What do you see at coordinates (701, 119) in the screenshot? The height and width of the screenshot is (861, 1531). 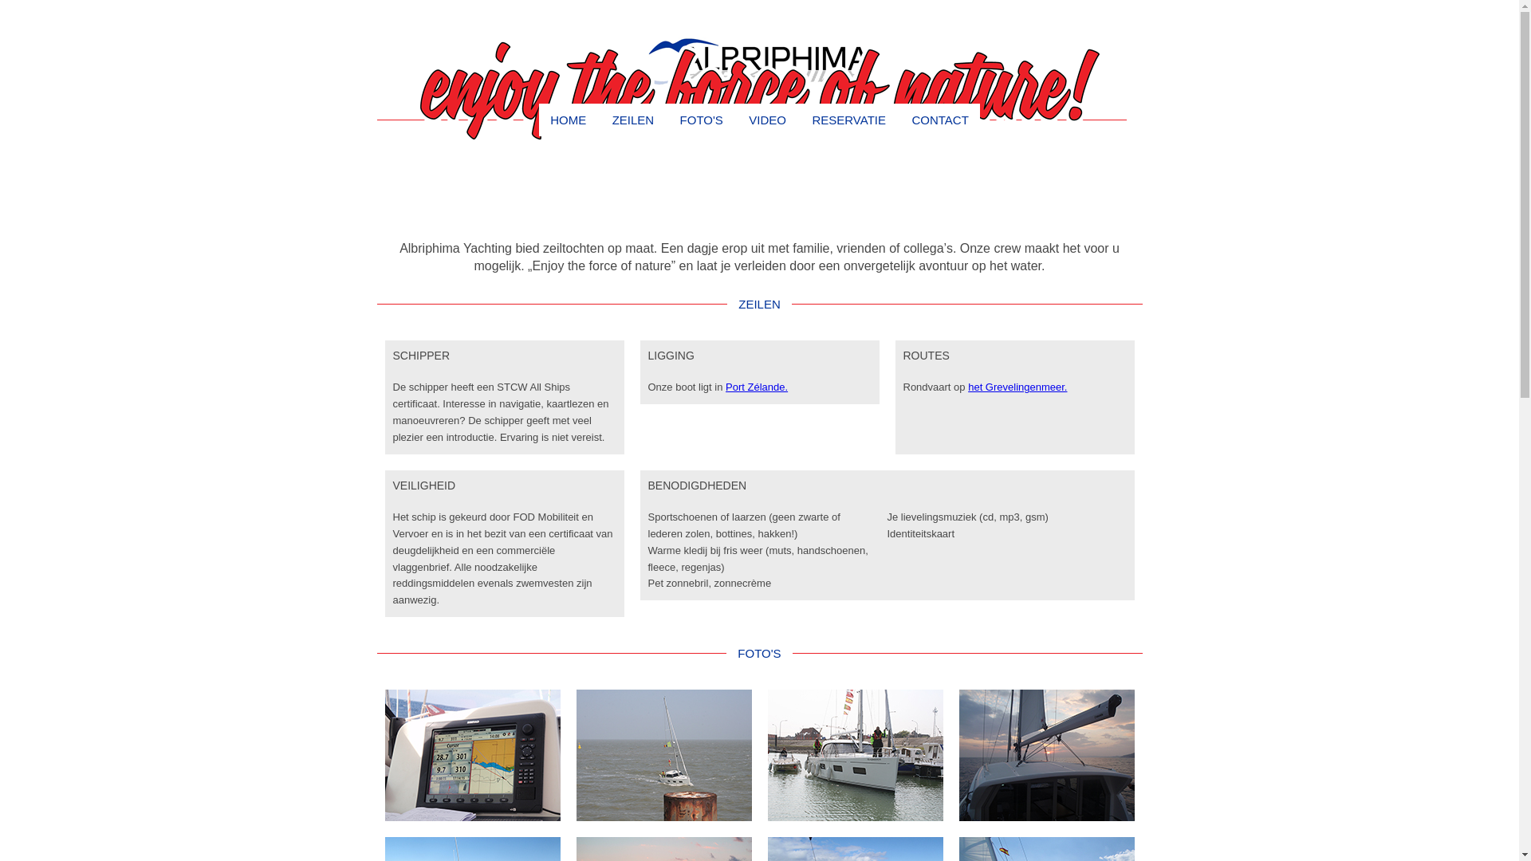 I see `'FOTO'S'` at bounding box center [701, 119].